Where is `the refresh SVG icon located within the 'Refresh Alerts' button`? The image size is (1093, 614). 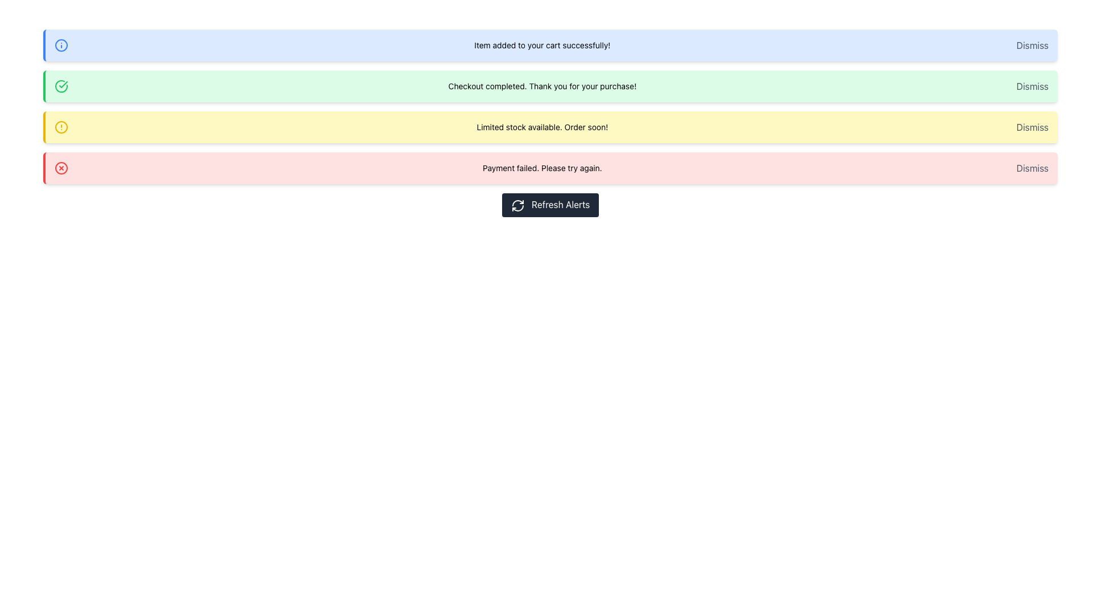
the refresh SVG icon located within the 'Refresh Alerts' button is located at coordinates (517, 205).